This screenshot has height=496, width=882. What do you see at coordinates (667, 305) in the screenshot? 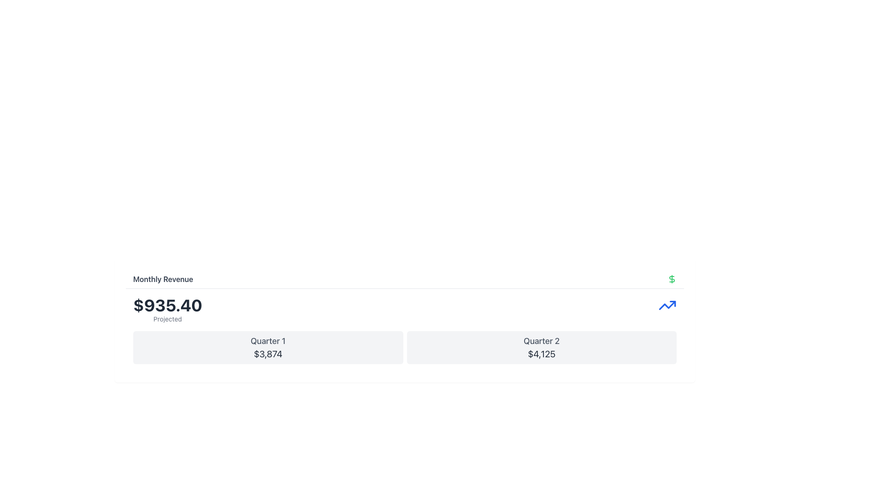
I see `the blue line graph icon located in the top-right corner of the 'Quarter 2' revenue details` at bounding box center [667, 305].